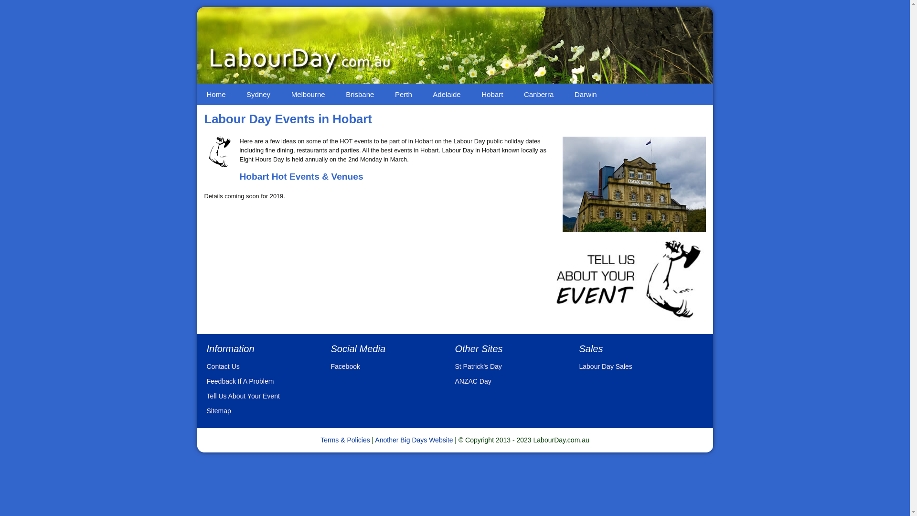  I want to click on 'Facebook', so click(344, 366).